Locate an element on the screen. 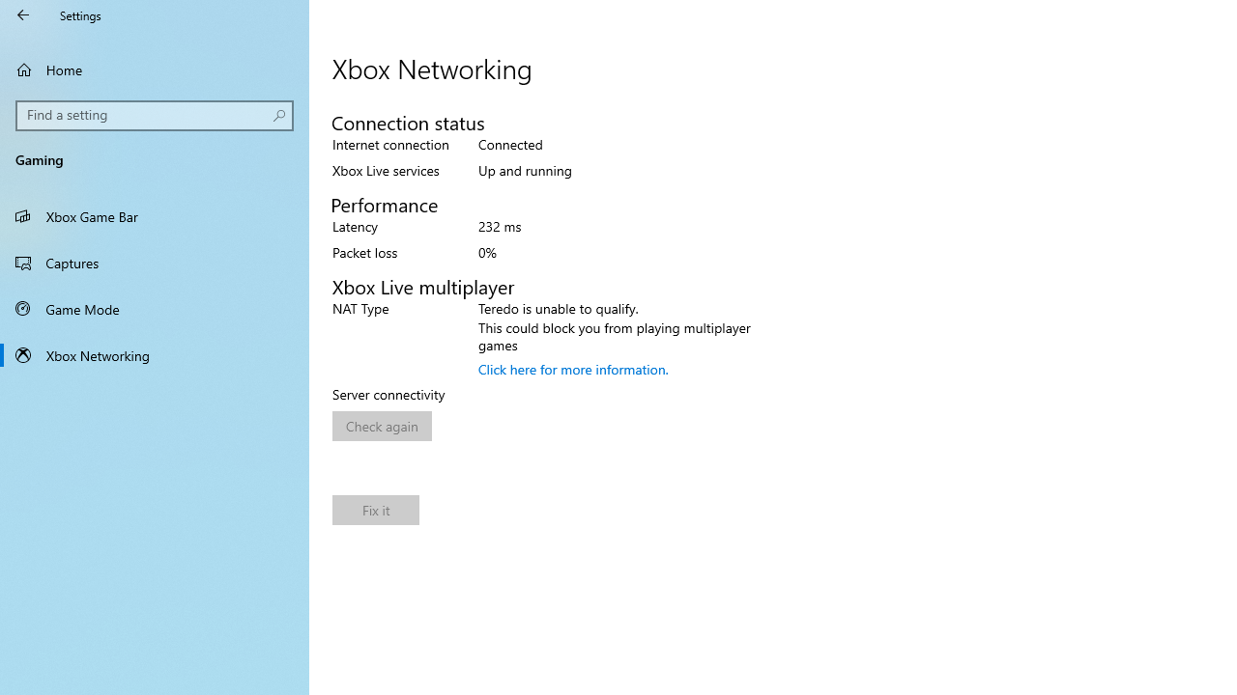  'Xbox Networking' is located at coordinates (155, 354).